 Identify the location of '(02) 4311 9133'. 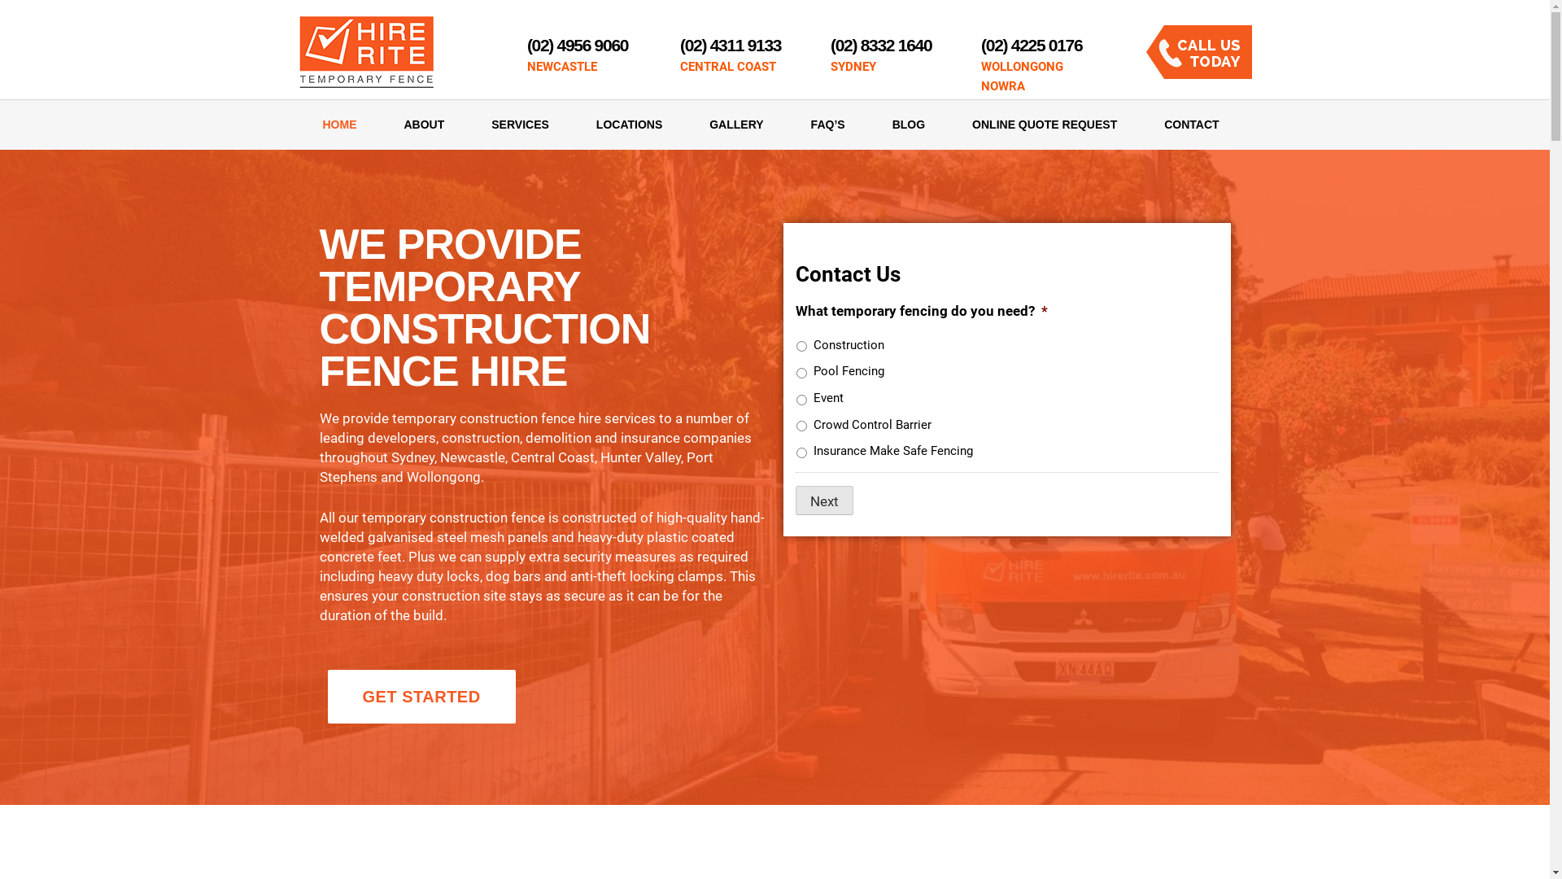
(679, 44).